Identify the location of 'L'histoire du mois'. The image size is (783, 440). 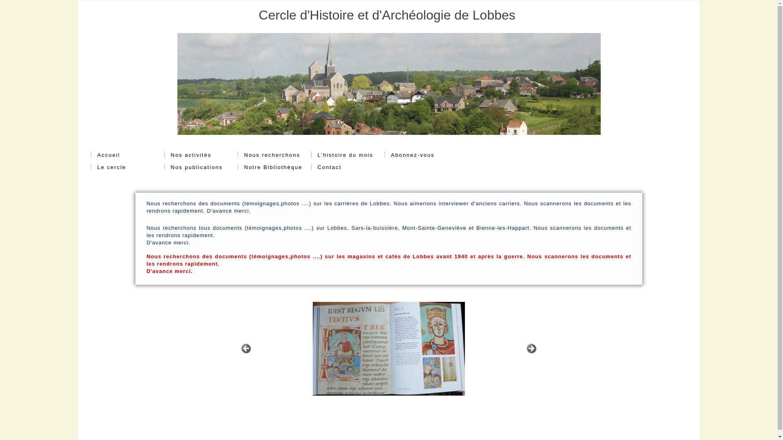
(342, 155).